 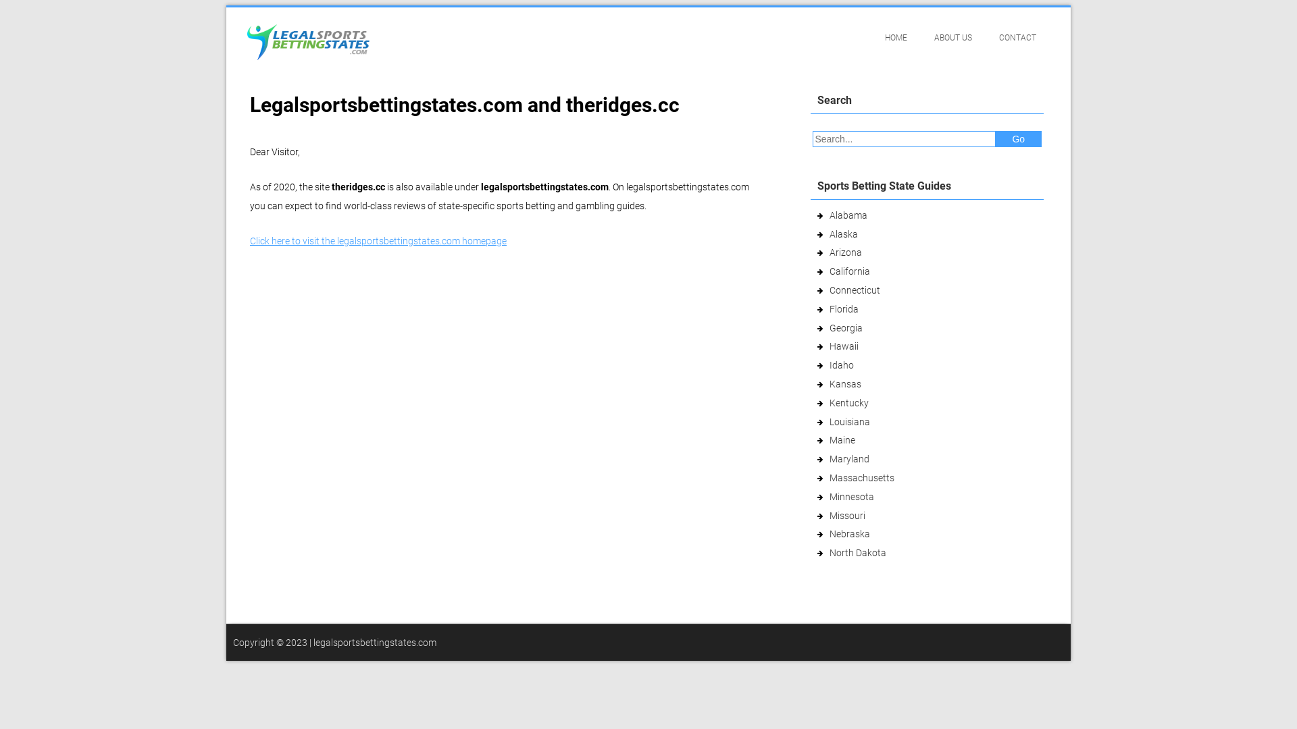 I want to click on 'Massachusetts', so click(x=861, y=477).